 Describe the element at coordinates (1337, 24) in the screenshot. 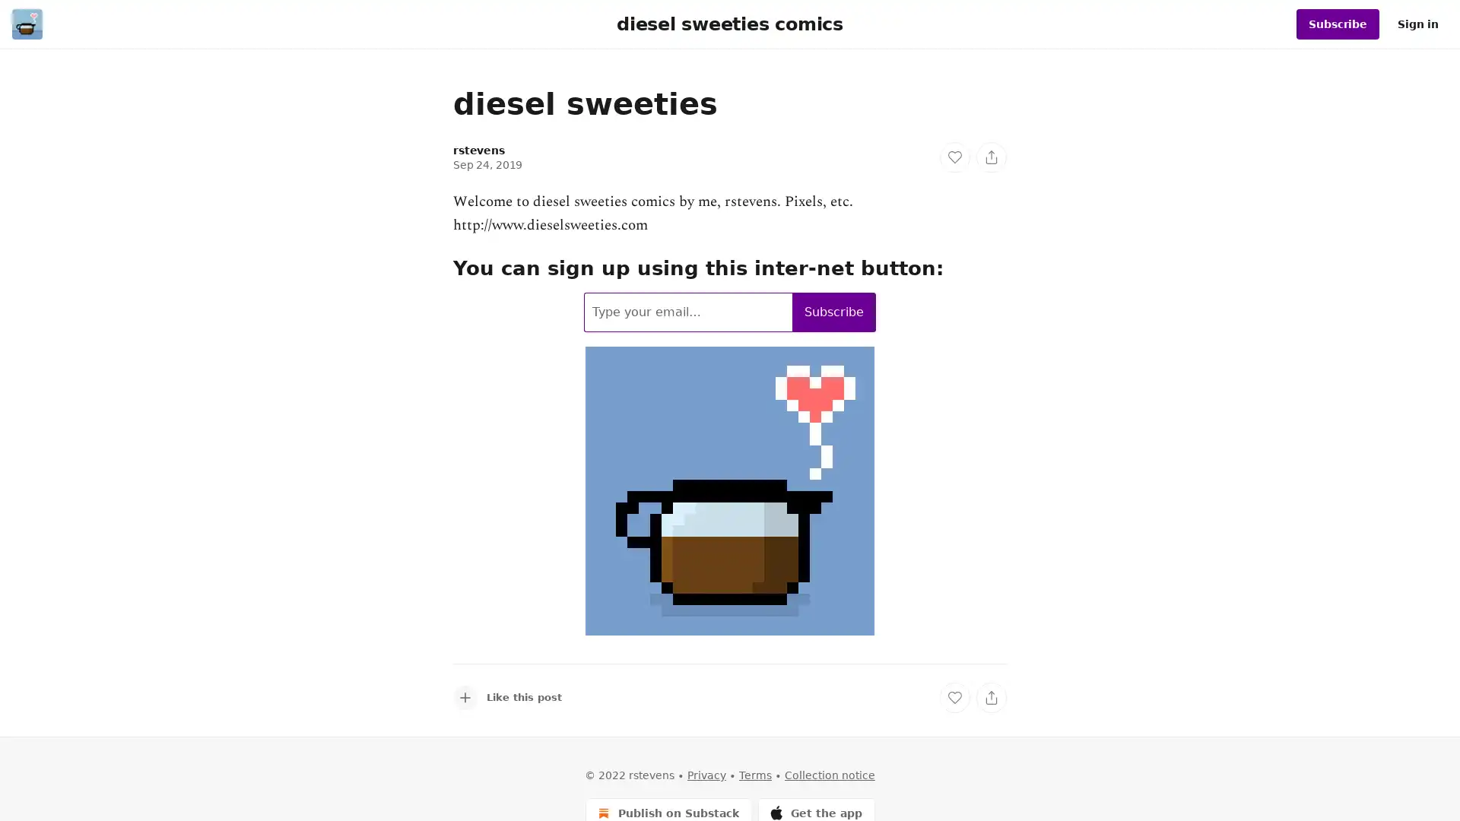

I see `Subscribe` at that location.